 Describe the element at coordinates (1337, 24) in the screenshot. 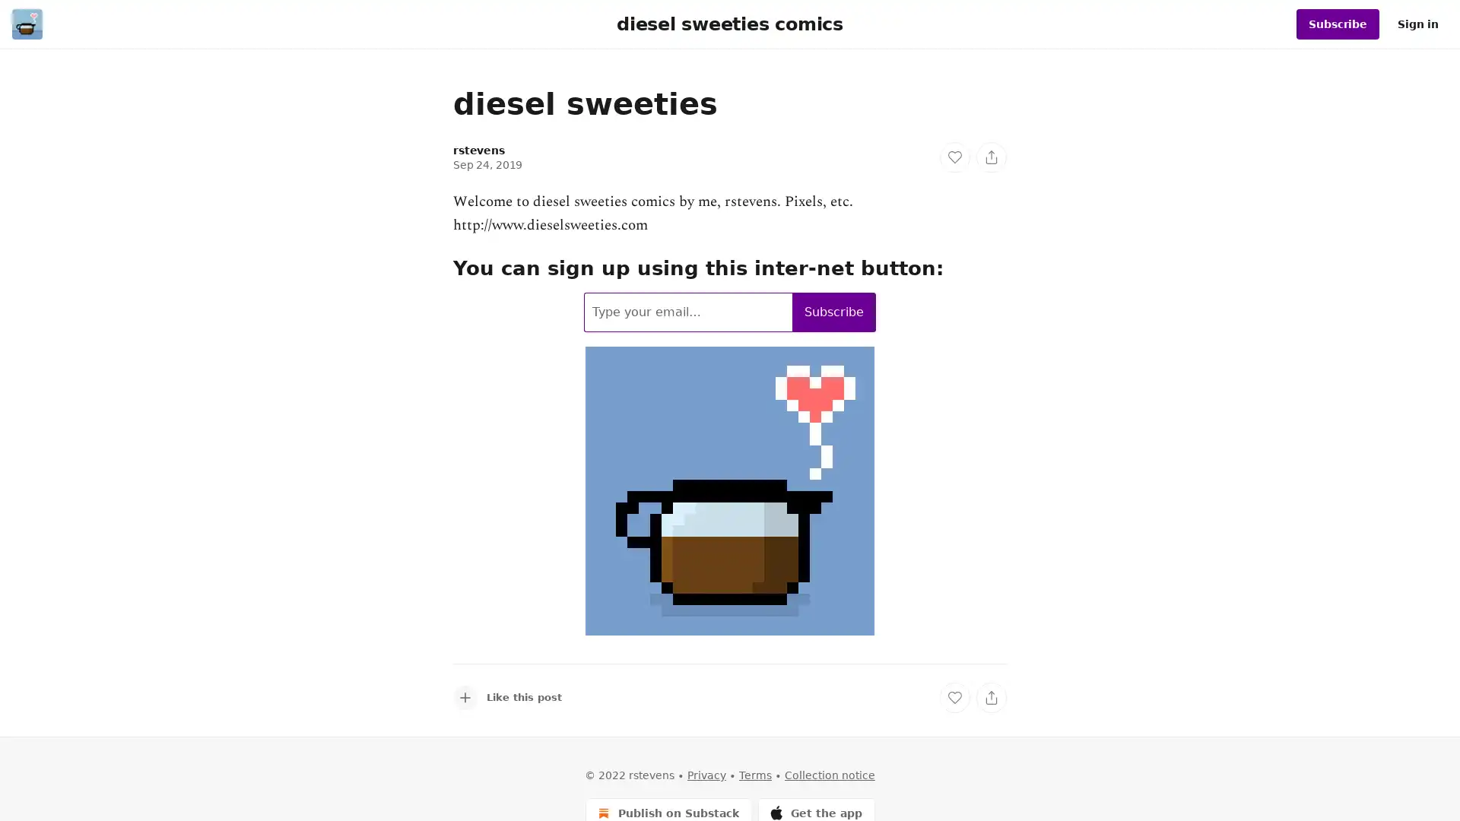

I see `Subscribe` at that location.